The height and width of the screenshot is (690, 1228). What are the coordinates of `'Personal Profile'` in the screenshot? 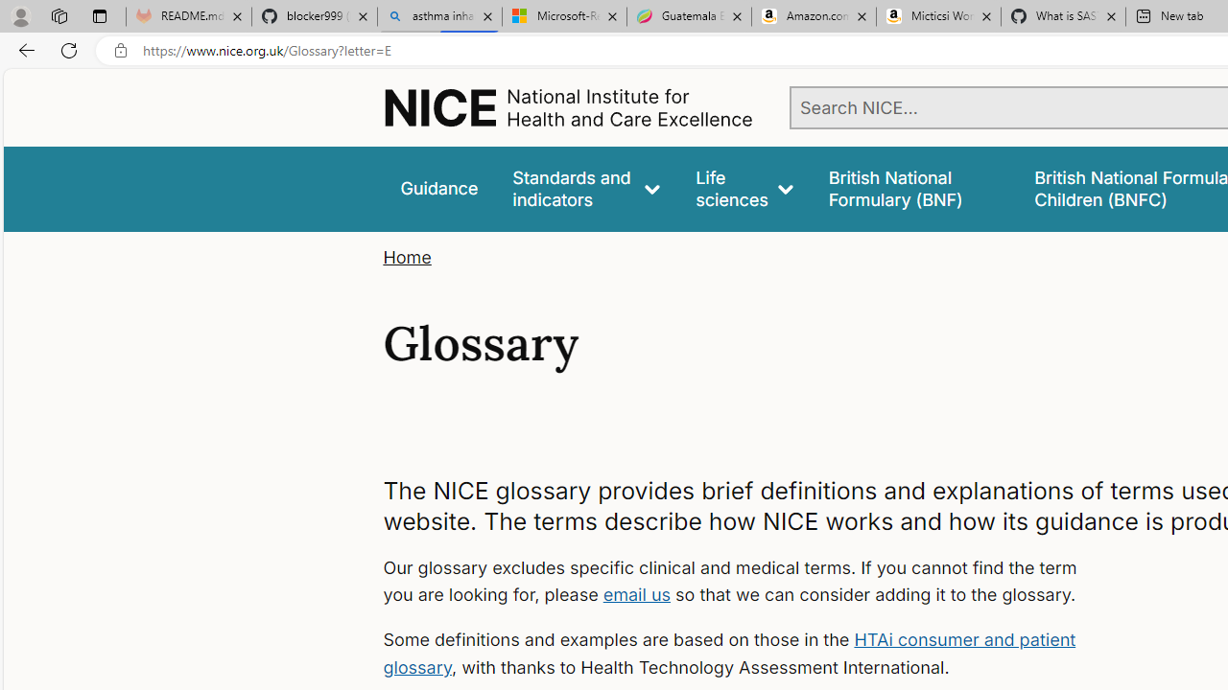 It's located at (20, 15).